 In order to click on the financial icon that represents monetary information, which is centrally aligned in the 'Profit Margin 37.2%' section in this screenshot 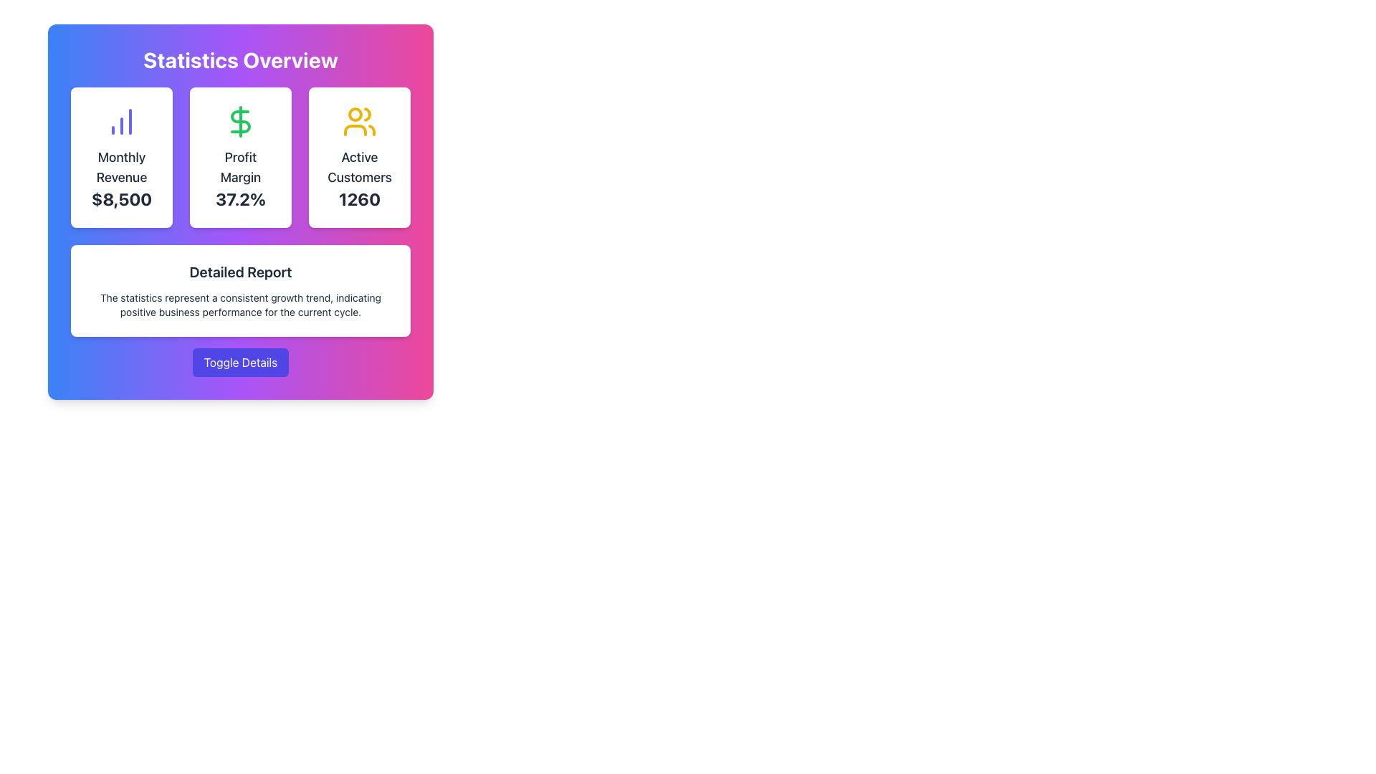, I will do `click(241, 120)`.